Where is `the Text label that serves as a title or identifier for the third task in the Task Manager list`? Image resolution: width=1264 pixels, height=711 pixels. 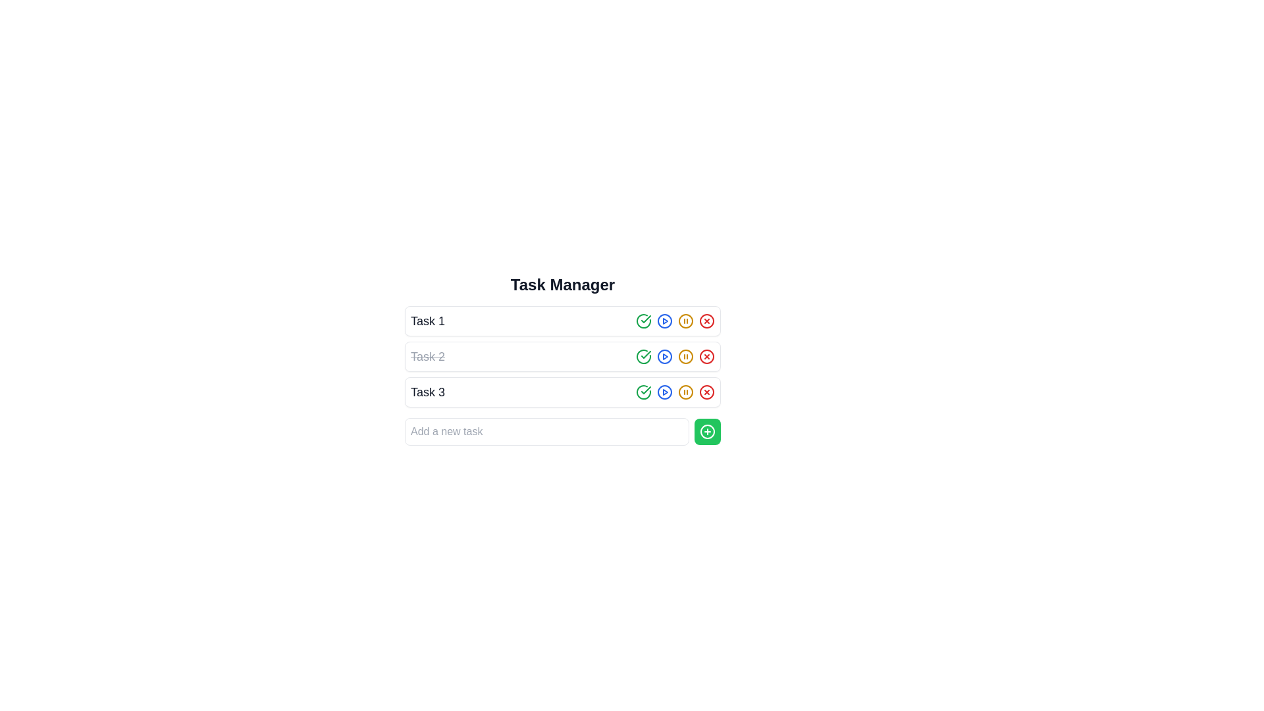 the Text label that serves as a title or identifier for the third task in the Task Manager list is located at coordinates (428, 392).